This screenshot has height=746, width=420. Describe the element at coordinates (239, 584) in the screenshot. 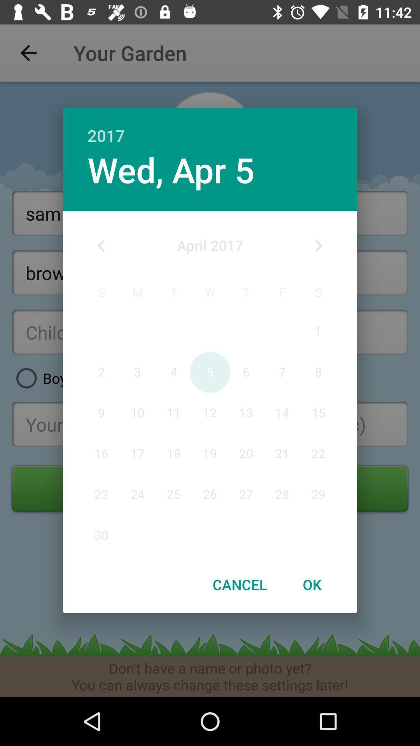

I see `cancel at the bottom` at that location.